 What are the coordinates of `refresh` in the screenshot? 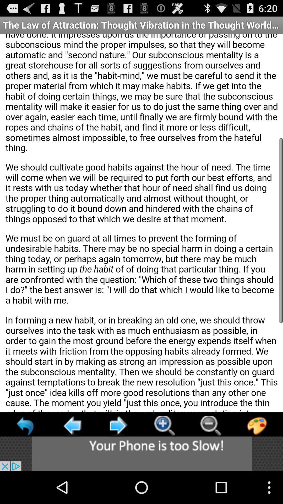 It's located at (26, 426).